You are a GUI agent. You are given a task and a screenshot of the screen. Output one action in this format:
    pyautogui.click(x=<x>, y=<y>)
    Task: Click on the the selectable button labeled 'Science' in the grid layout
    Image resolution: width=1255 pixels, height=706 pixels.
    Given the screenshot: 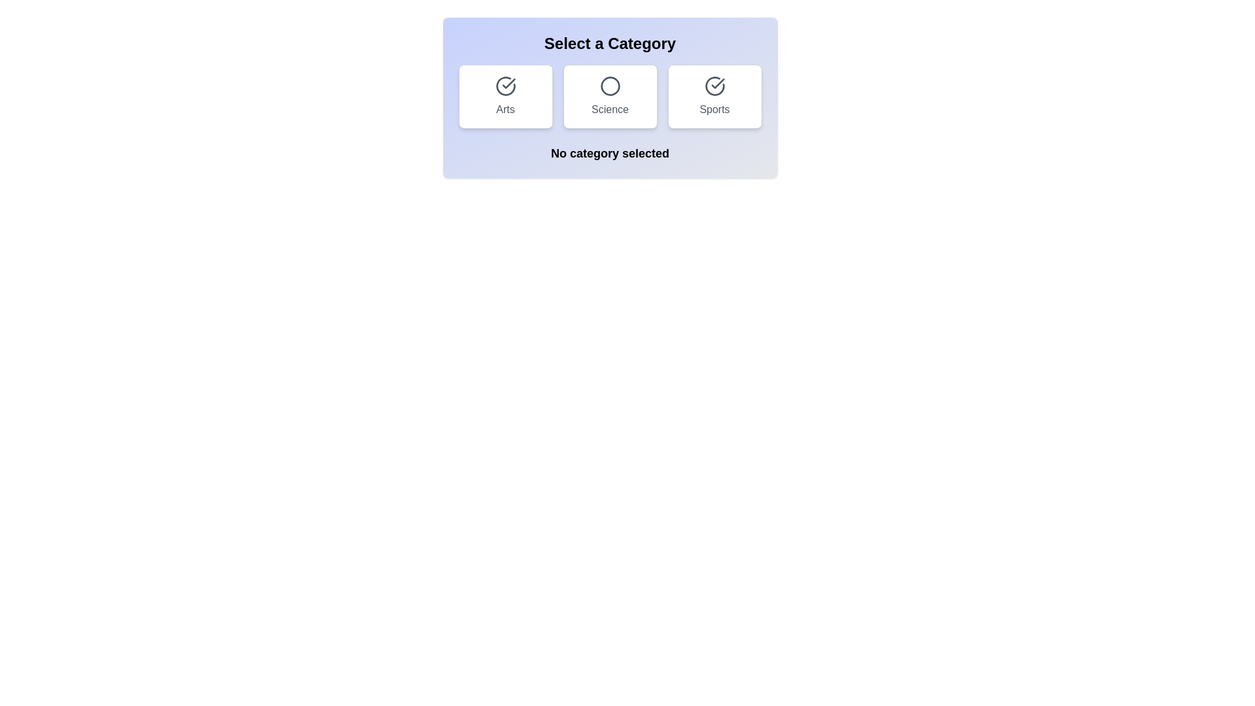 What is the action you would take?
    pyautogui.click(x=609, y=95)
    